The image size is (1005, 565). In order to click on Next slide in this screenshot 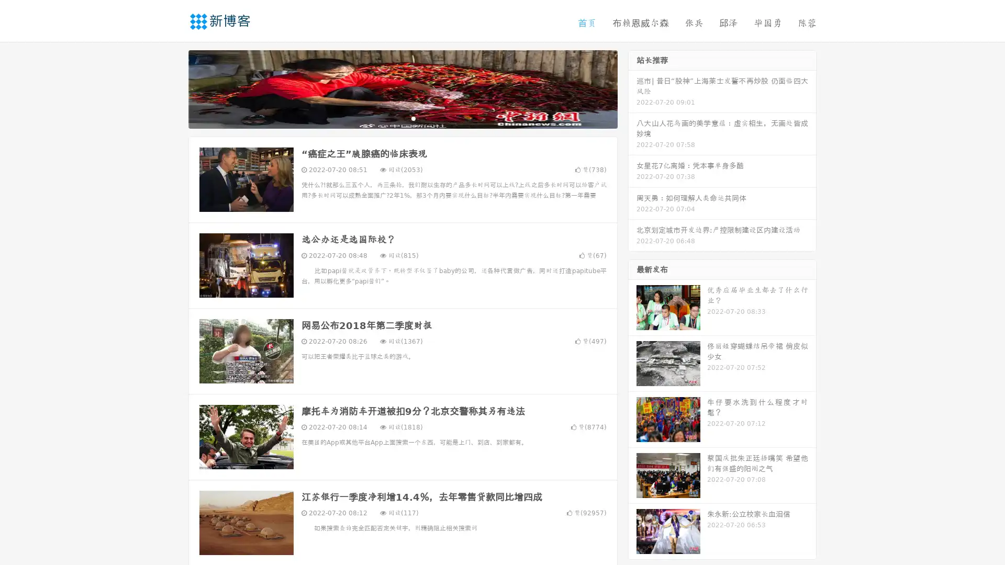, I will do `click(632, 88)`.